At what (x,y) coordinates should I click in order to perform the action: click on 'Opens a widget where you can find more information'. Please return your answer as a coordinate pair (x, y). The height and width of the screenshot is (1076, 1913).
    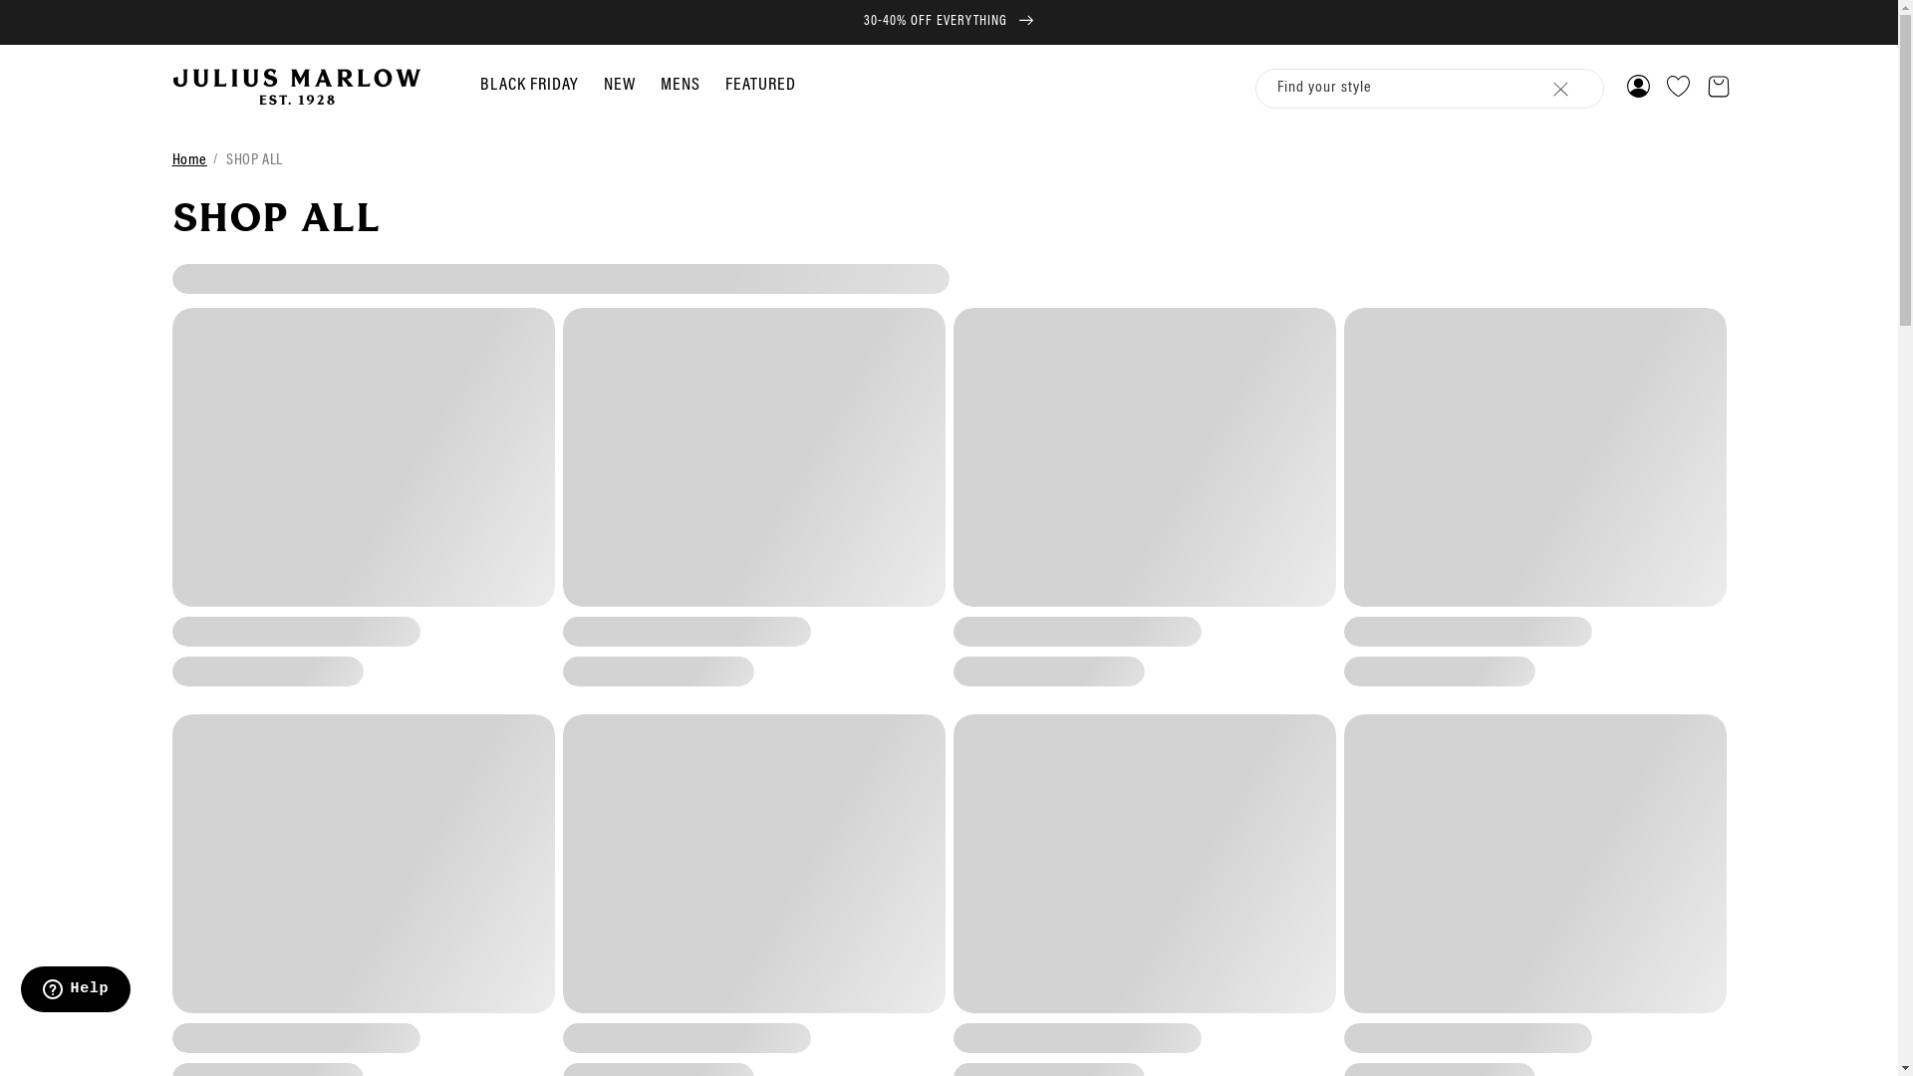
    Looking at the image, I should click on (19, 991).